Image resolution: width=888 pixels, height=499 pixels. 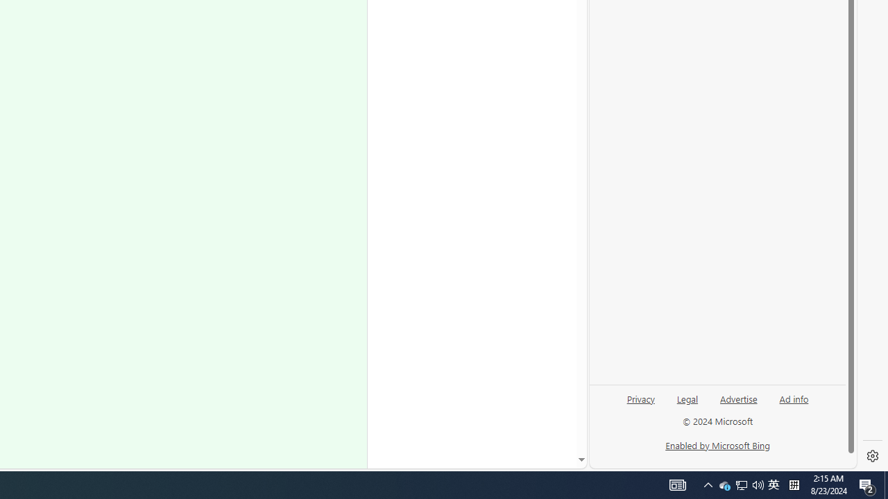 What do you see at coordinates (687, 404) in the screenshot?
I see `'Legal'` at bounding box center [687, 404].